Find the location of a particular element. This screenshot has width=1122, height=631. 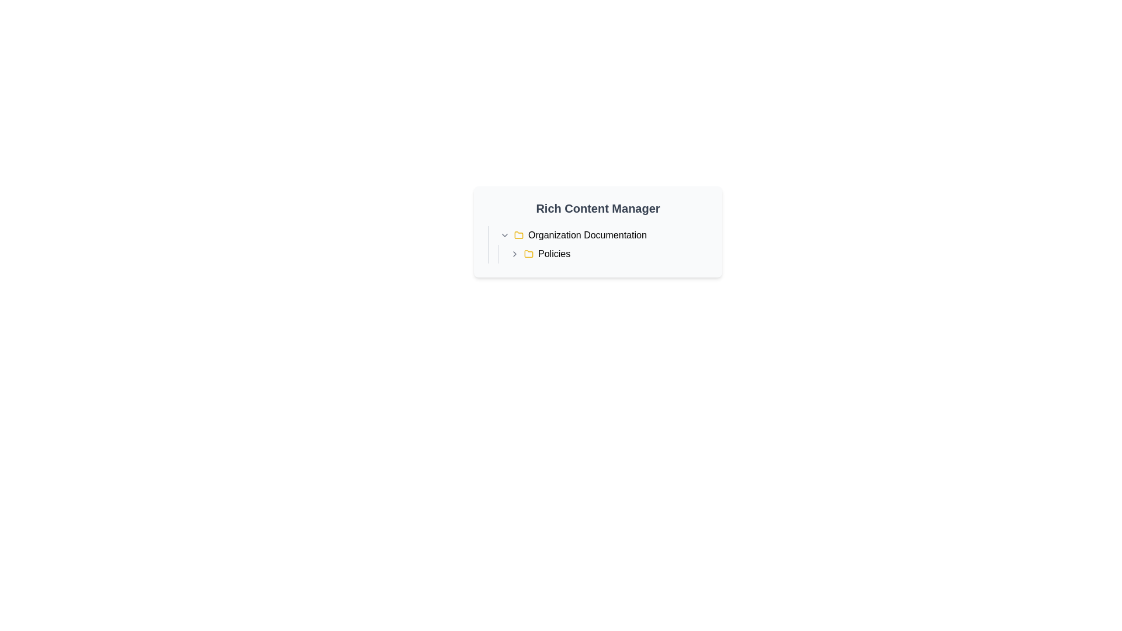

the folder icon next to 'Organization Documentation' in the hierarchical folder list entry is located at coordinates (598, 244).